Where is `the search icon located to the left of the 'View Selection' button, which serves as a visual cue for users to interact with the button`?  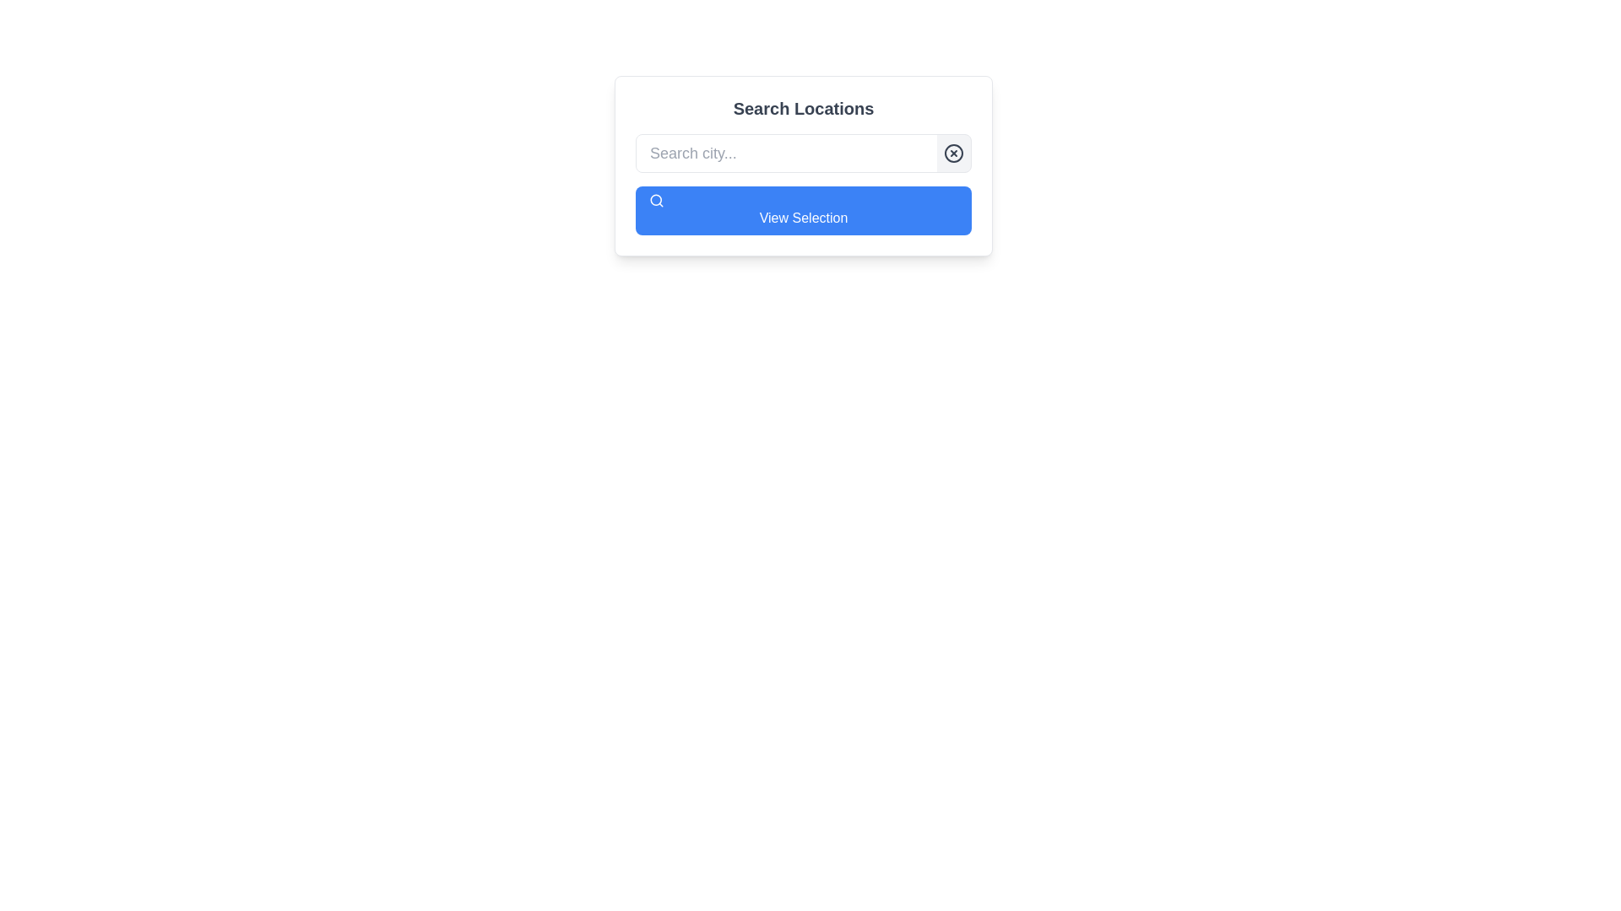 the search icon located to the left of the 'View Selection' button, which serves as a visual cue for users to interact with the button is located at coordinates (655, 200).